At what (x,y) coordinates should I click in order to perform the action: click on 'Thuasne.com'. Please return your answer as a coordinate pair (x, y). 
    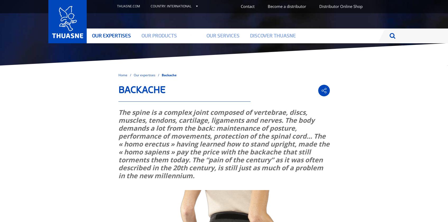
    Looking at the image, I should click on (128, 6).